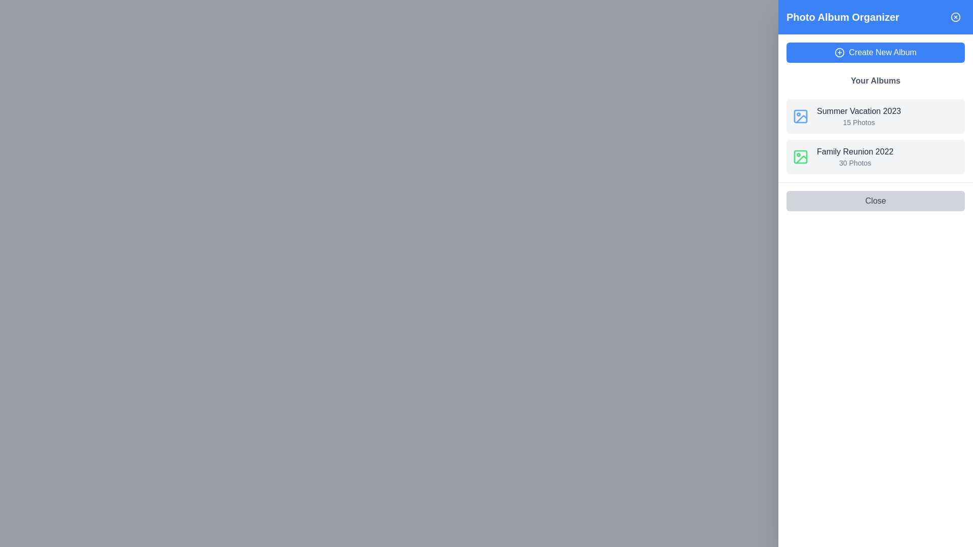 The width and height of the screenshot is (973, 547). Describe the element at coordinates (858, 111) in the screenshot. I see `the text 'Summer Vacation 2023', which is the title of the first photo album in the 'Your Albums' section` at that location.